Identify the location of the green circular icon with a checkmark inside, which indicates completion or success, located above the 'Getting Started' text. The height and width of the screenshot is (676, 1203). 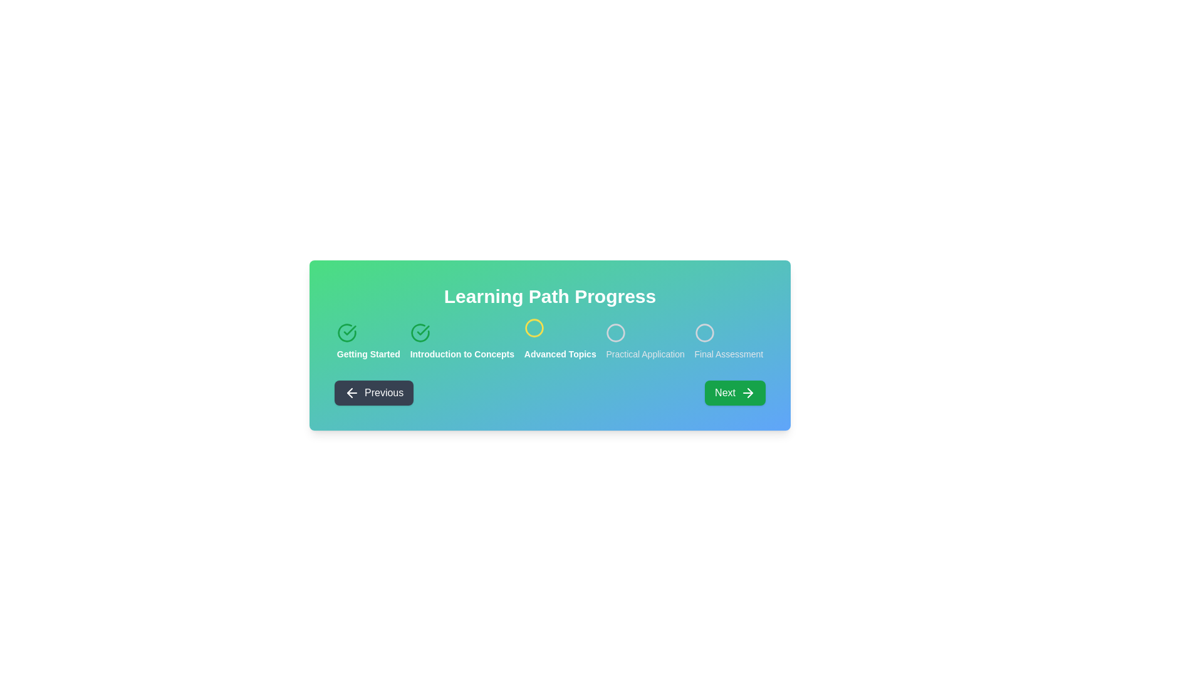
(346, 332).